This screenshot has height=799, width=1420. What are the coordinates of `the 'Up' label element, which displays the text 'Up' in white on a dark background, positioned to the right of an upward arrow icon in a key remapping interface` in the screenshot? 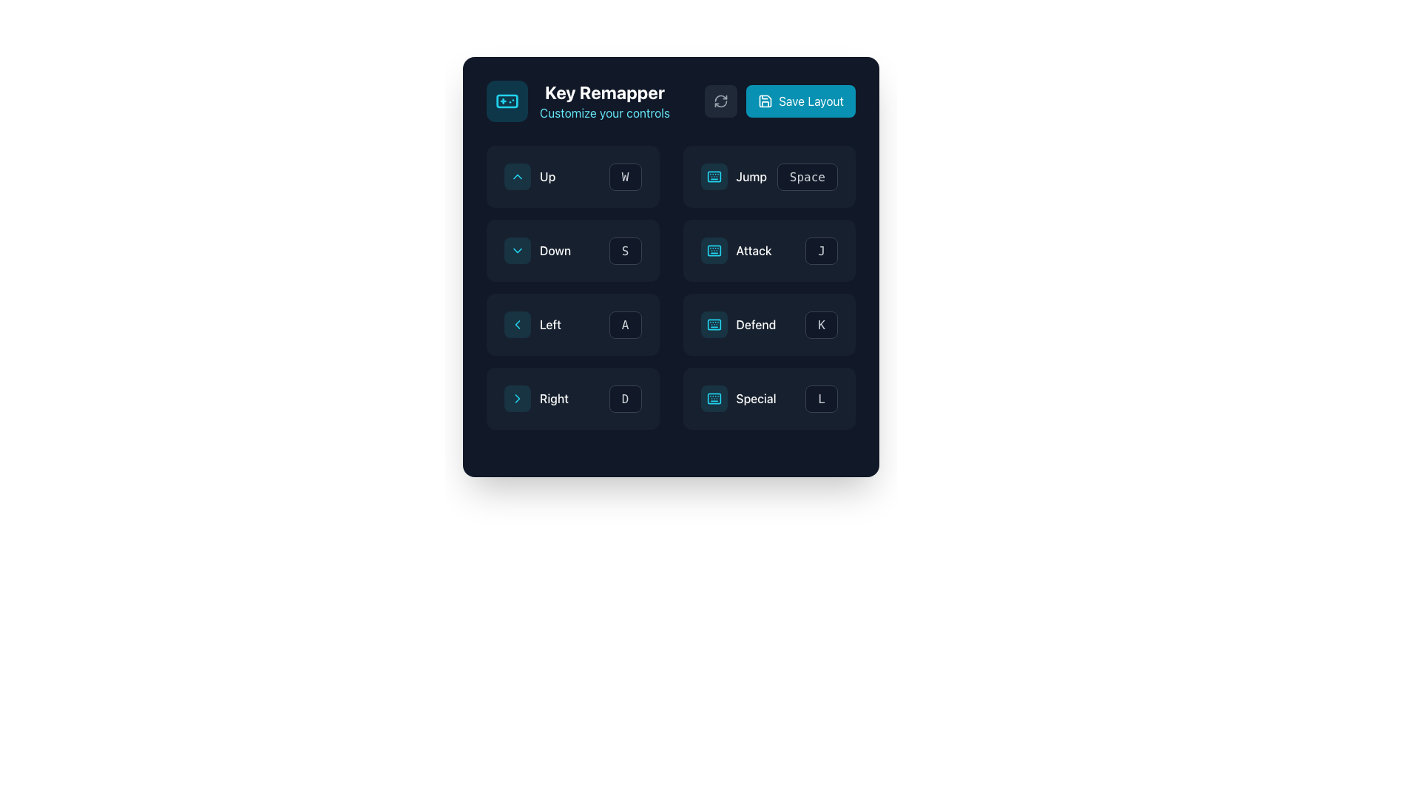 It's located at (547, 176).